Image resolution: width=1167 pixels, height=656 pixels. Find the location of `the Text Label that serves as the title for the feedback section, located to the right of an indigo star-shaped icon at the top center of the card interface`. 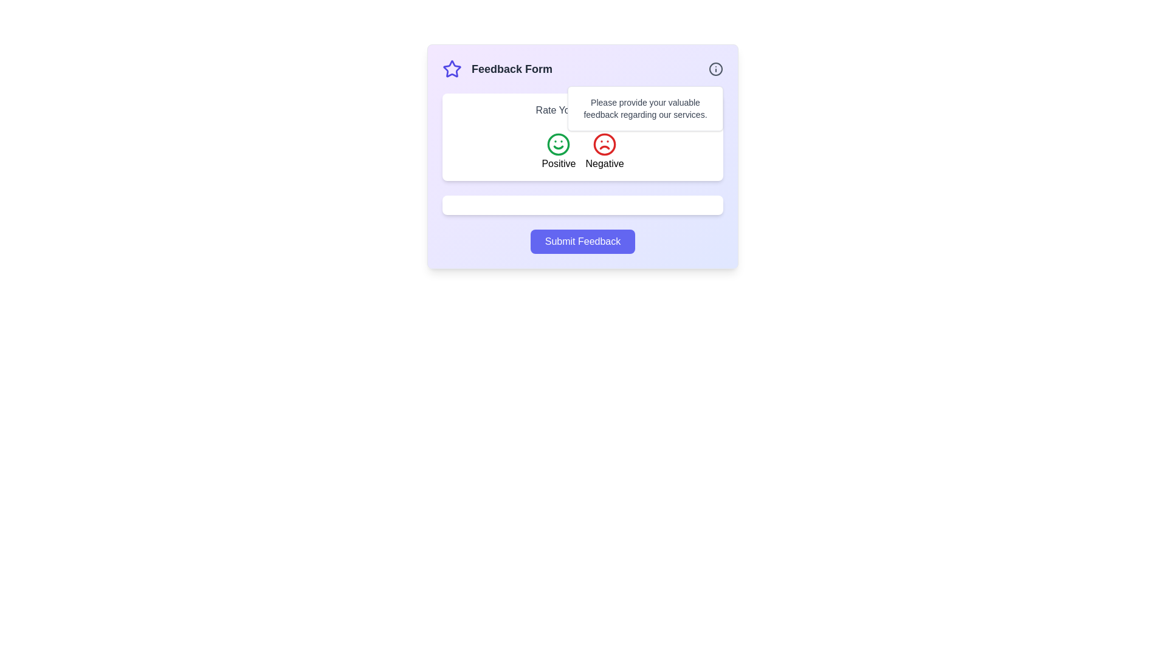

the Text Label that serves as the title for the feedback section, located to the right of an indigo star-shaped icon at the top center of the card interface is located at coordinates (512, 69).